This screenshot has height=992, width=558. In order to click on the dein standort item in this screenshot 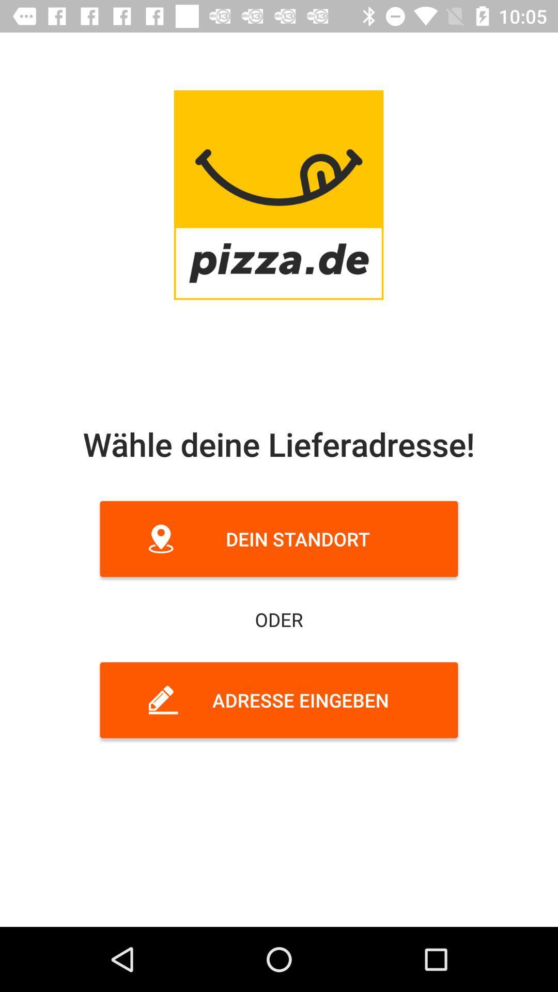, I will do `click(279, 538)`.